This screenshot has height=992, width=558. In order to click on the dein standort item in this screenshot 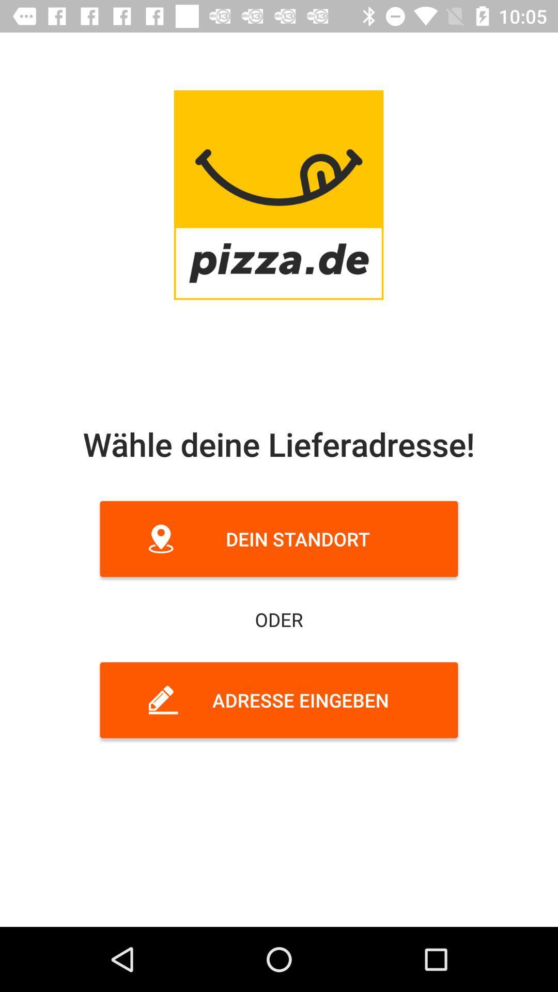, I will do `click(279, 538)`.